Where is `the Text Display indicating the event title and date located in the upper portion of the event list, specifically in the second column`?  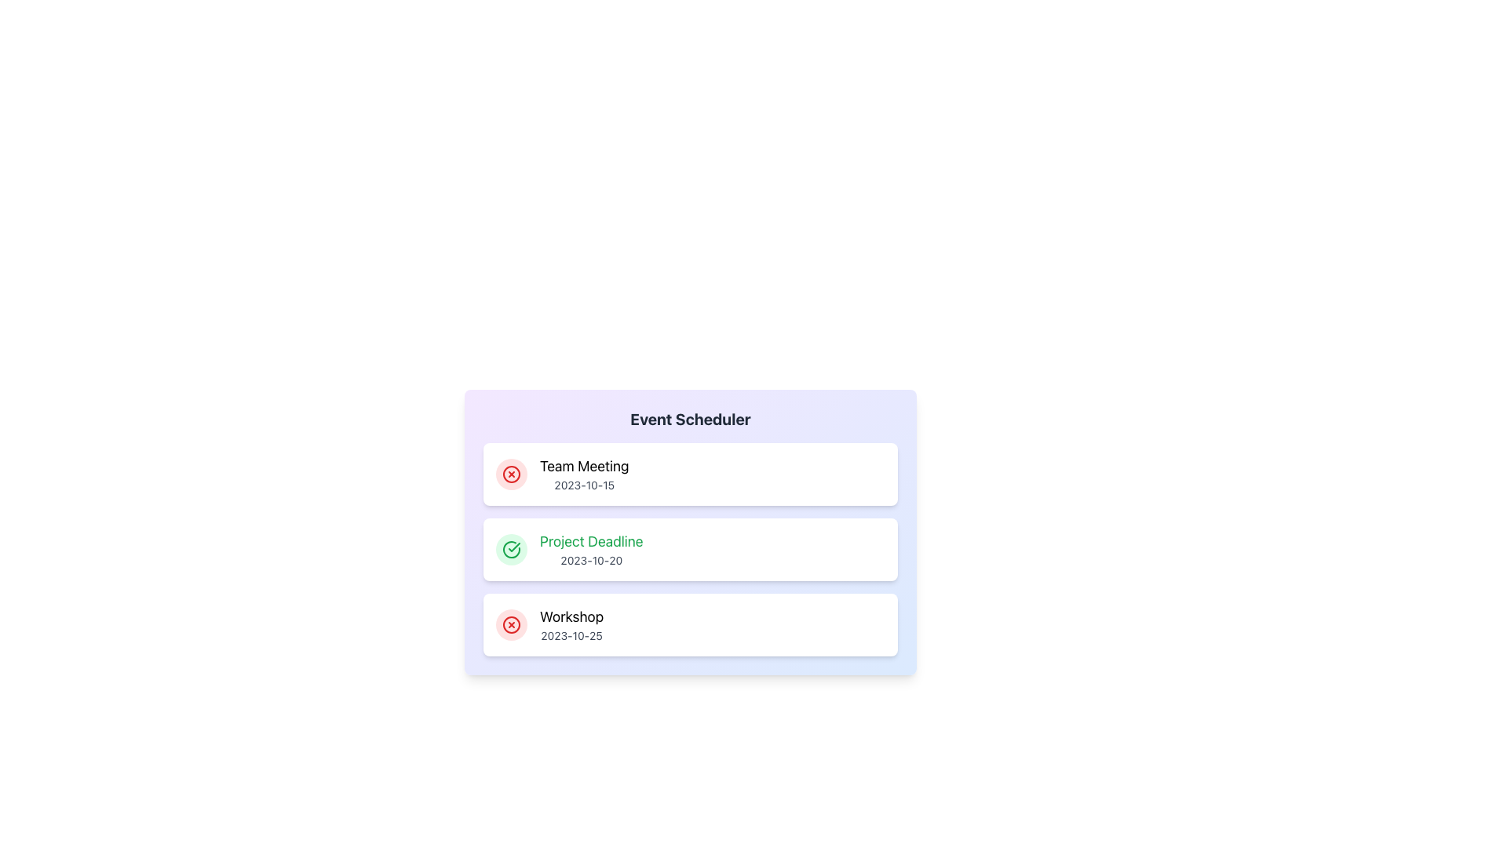 the Text Display indicating the event title and date located in the upper portion of the event list, specifically in the second column is located at coordinates (583, 474).